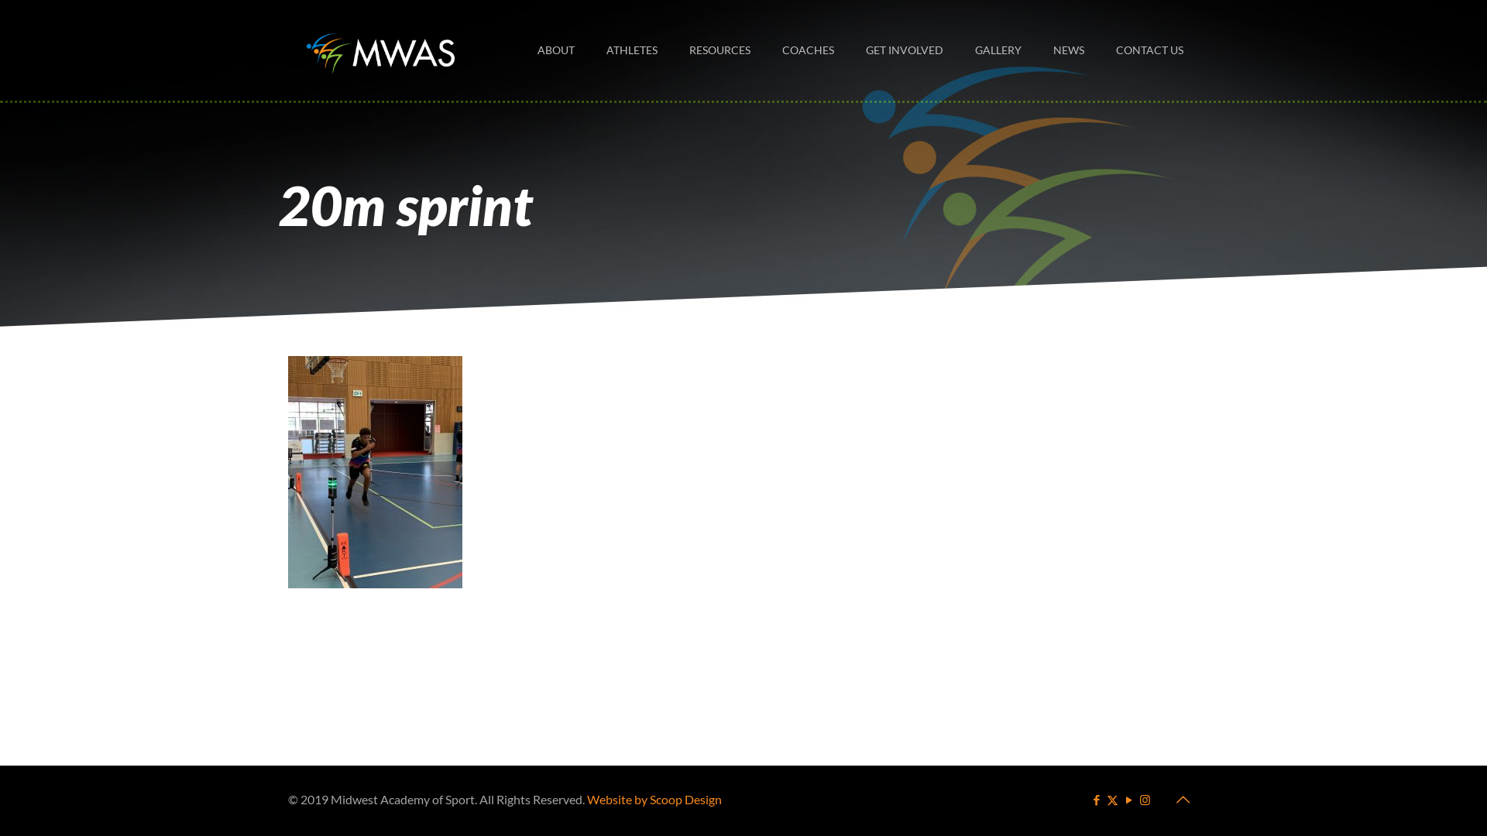  Describe the element at coordinates (586, 799) in the screenshot. I see `'Website by Scoop Design'` at that location.